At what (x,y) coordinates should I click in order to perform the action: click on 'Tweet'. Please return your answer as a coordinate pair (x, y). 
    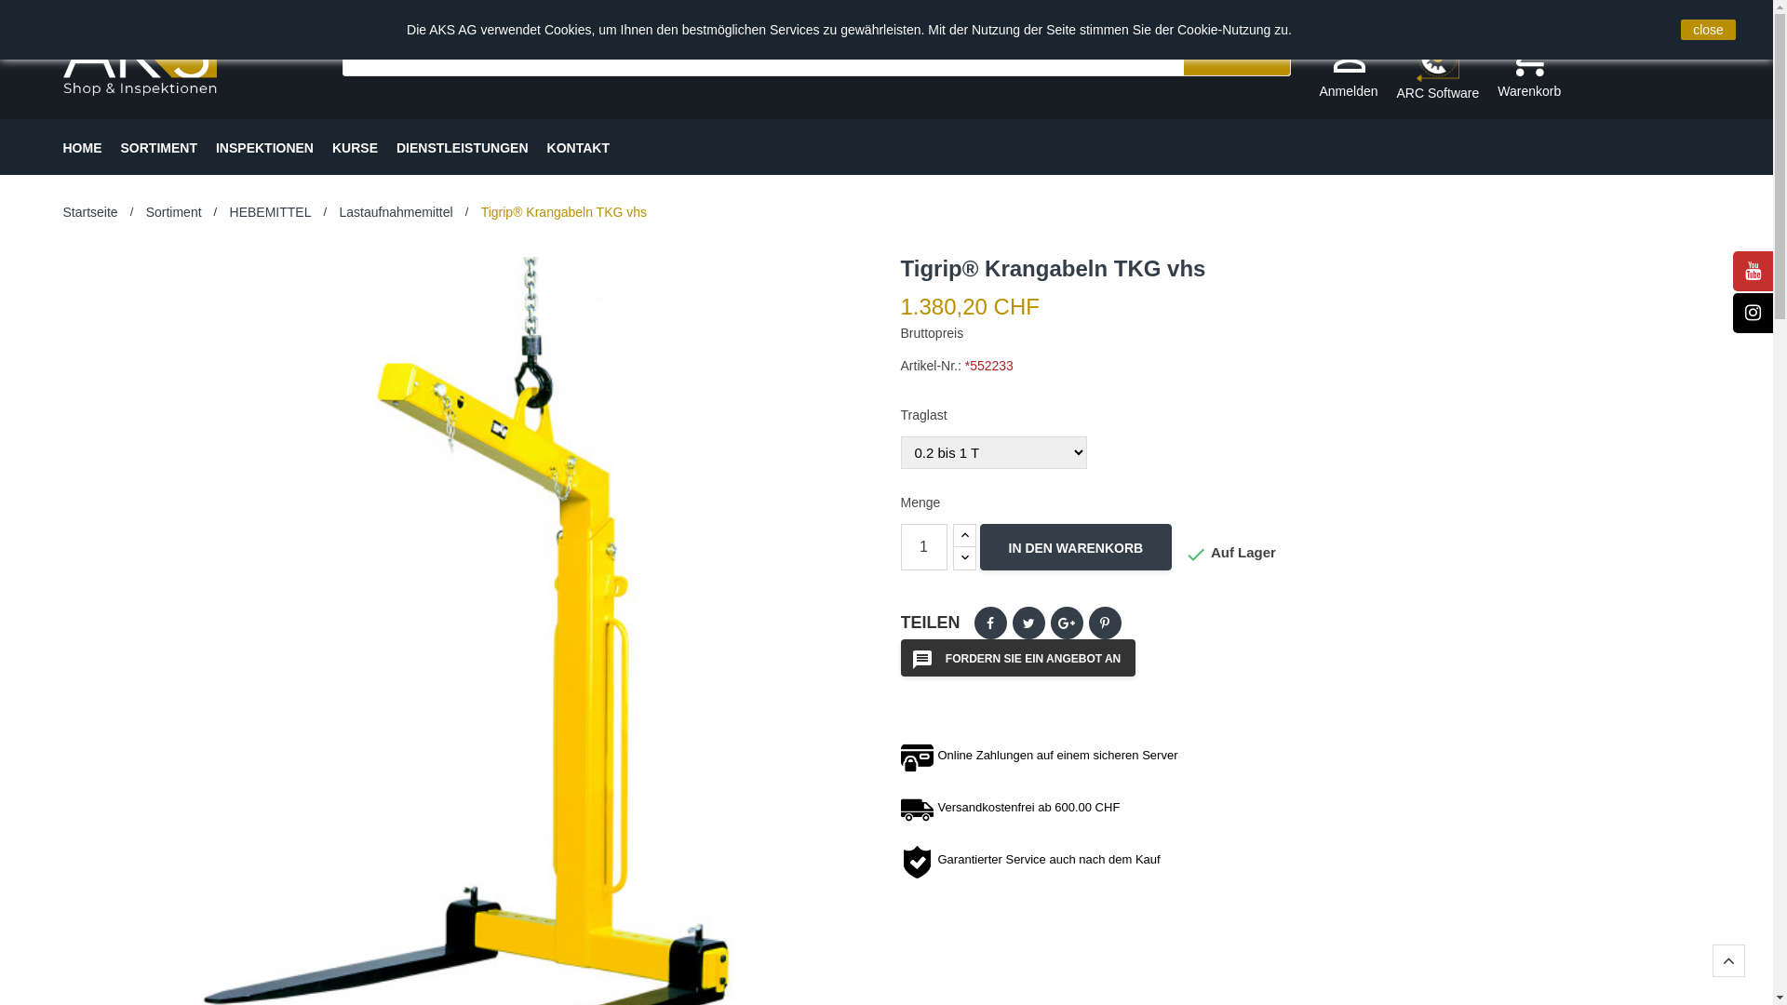
    Looking at the image, I should click on (1028, 623).